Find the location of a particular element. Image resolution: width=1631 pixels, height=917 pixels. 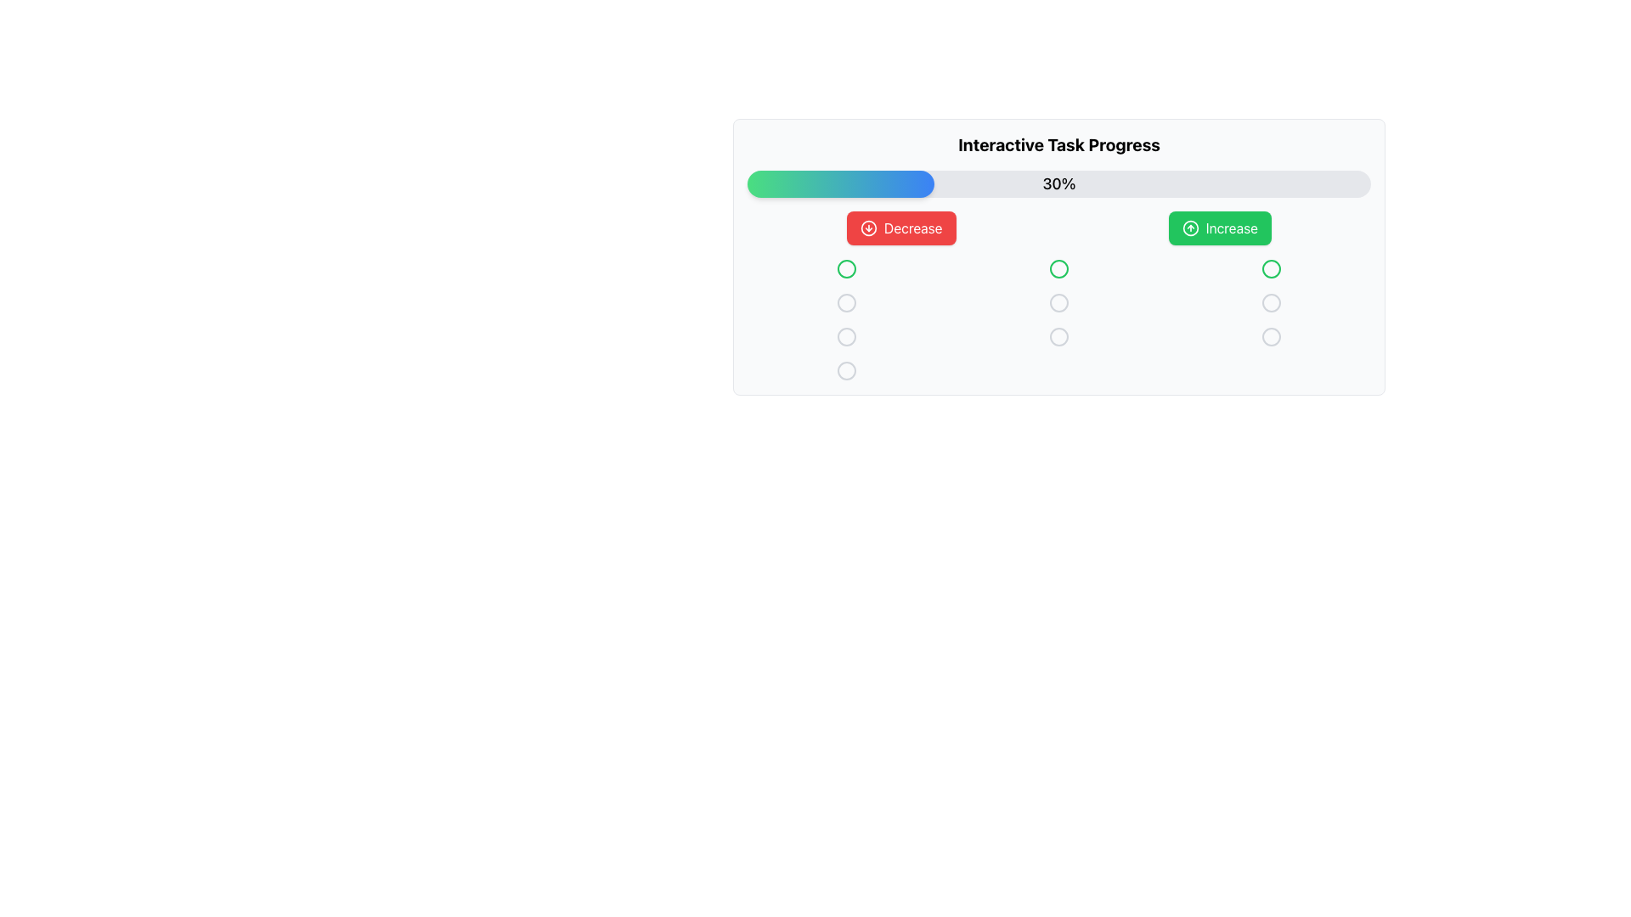

the green 'Increase' button with a white arrow icon is located at coordinates (1218, 228).